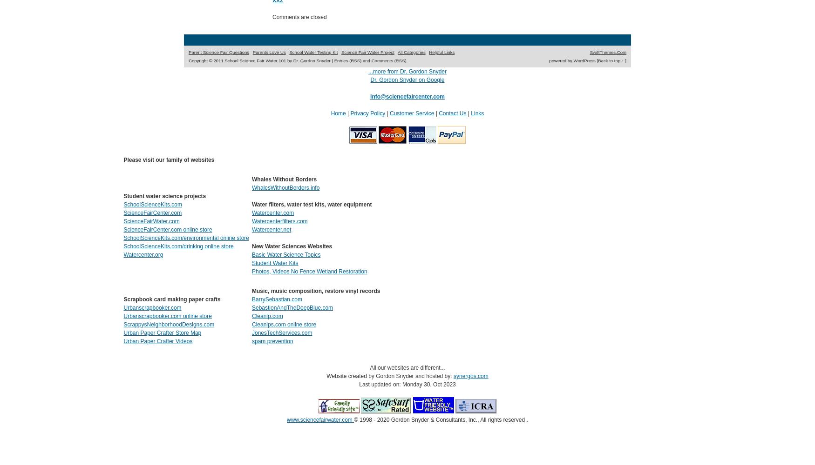  What do you see at coordinates (402, 384) in the screenshot?
I see `'Monday 30. Oct 2023'` at bounding box center [402, 384].